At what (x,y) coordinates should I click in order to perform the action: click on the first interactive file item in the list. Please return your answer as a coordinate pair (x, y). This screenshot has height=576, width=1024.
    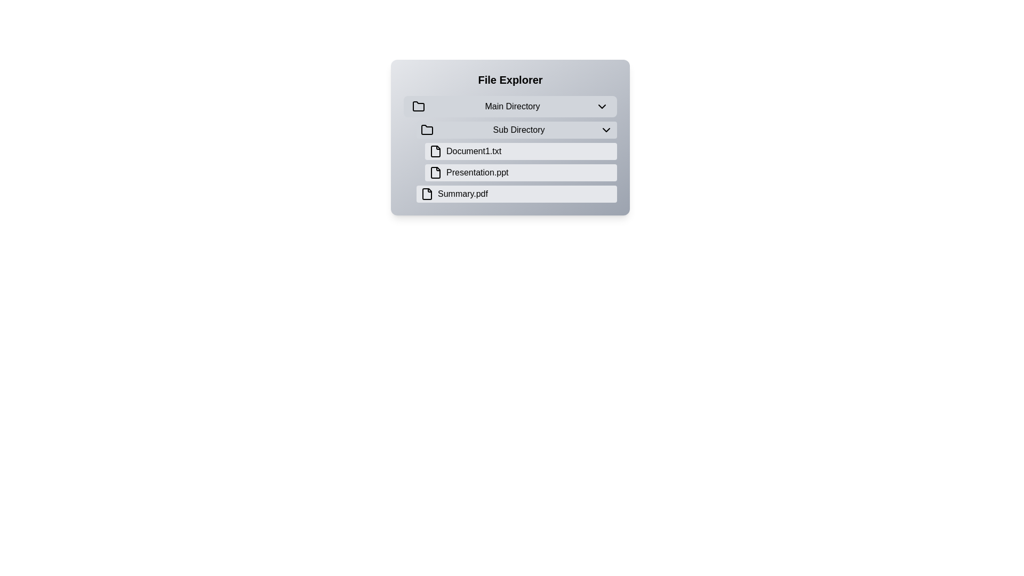
    Looking at the image, I should click on (521, 151).